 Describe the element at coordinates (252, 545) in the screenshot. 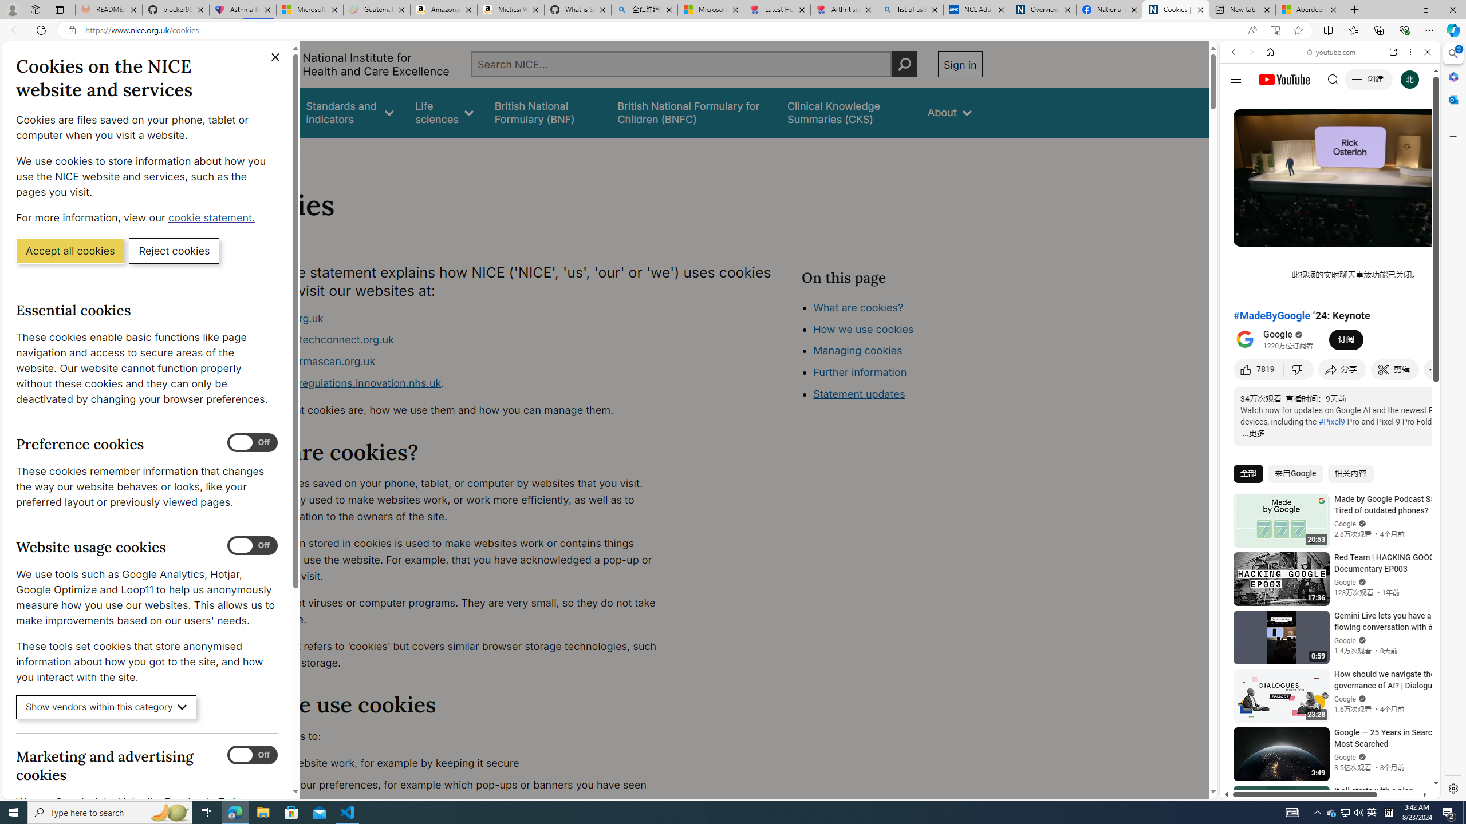

I see `'Website usage cookies'` at that location.